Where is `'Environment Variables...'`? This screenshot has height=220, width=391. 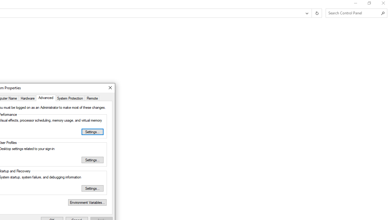
'Environment Variables...' is located at coordinates (87, 202).